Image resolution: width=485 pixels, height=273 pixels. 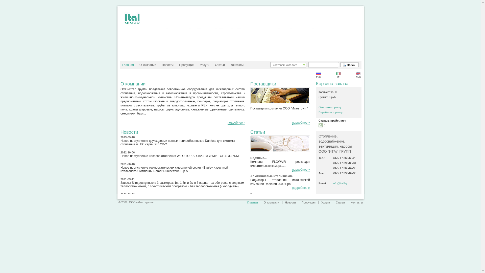 What do you see at coordinates (338, 76) in the screenshot?
I see `'IT'` at bounding box center [338, 76].